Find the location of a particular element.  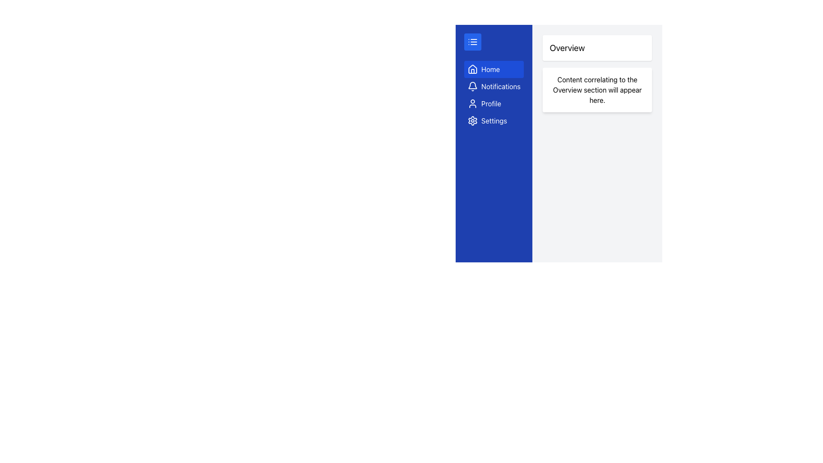

text label 'Home' in the first navigational menu item located in the vertical sidebar on the left side of the interface, which indicates navigation to the home section is located at coordinates (490, 69).